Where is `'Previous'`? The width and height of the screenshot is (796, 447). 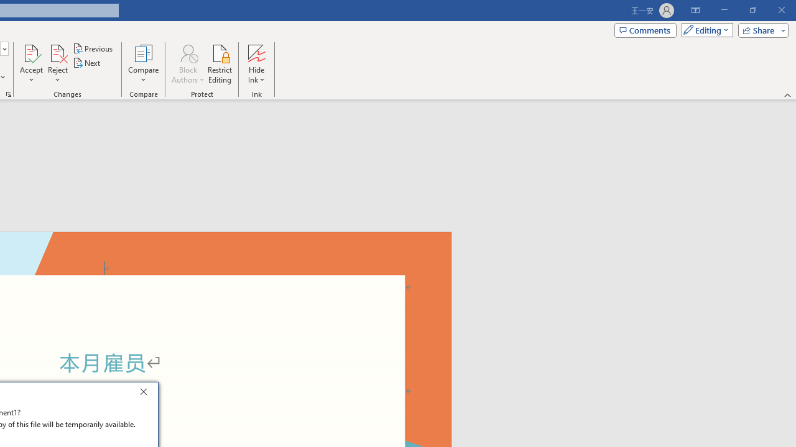
'Previous' is located at coordinates (93, 48).